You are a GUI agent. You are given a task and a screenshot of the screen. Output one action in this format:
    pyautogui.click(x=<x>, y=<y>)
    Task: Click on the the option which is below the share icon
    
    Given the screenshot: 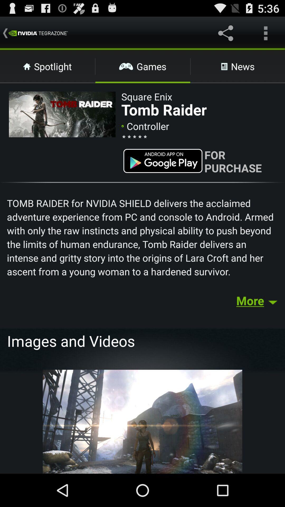 What is the action you would take?
    pyautogui.click(x=238, y=66)
    